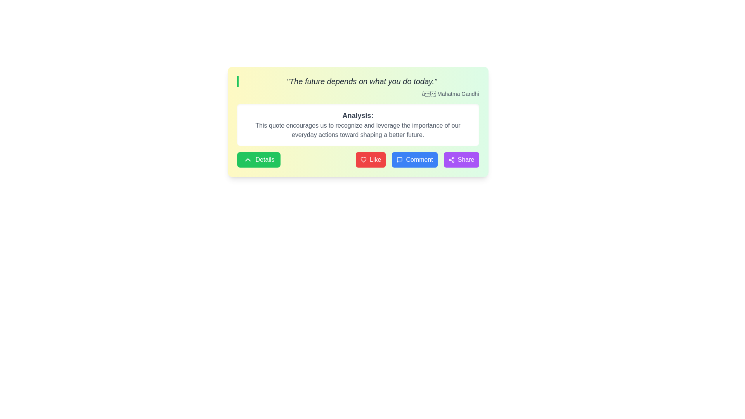 The image size is (745, 419). Describe the element at coordinates (247, 159) in the screenshot. I see `the chevron-up icon located to the left of the 'Details' label within the green rounded rectangular button` at that location.